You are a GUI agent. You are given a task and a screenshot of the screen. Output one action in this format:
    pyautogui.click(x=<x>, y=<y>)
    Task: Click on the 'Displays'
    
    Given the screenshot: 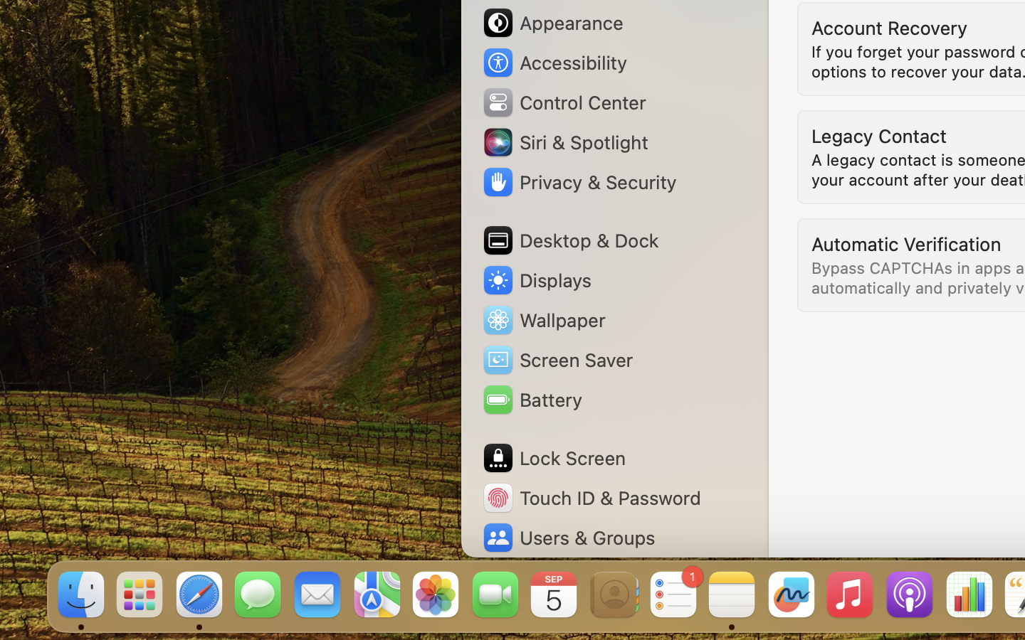 What is the action you would take?
    pyautogui.click(x=535, y=280)
    